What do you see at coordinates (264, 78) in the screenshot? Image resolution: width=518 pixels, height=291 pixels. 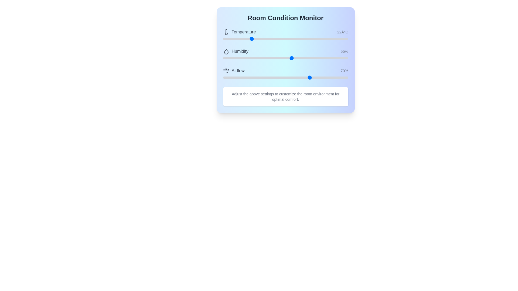 I see `airflow level` at bounding box center [264, 78].